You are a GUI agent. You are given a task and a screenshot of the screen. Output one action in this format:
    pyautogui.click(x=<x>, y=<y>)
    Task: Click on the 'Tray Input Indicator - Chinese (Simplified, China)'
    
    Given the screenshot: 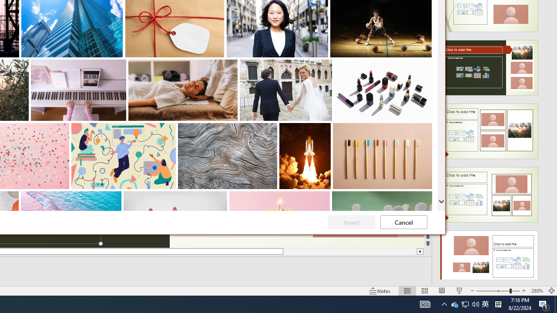 What is the action you would take?
    pyautogui.click(x=498, y=303)
    